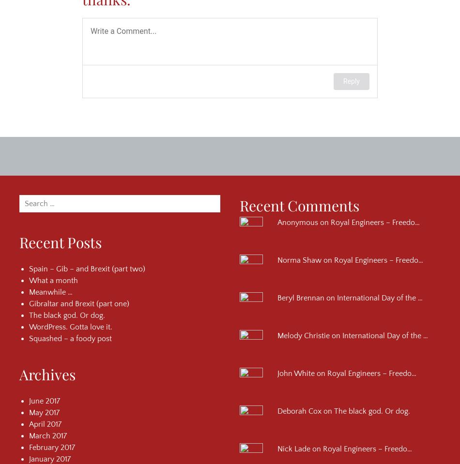  What do you see at coordinates (29, 338) in the screenshot?
I see `'Squashed – a foody post'` at bounding box center [29, 338].